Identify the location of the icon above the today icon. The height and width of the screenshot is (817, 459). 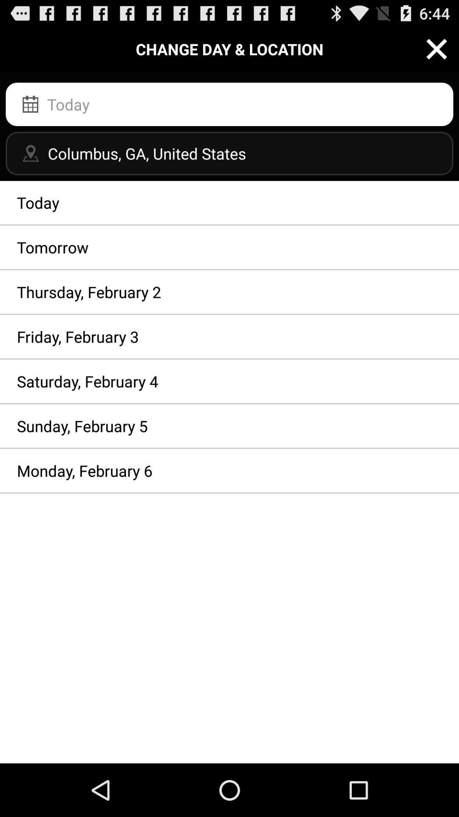
(229, 153).